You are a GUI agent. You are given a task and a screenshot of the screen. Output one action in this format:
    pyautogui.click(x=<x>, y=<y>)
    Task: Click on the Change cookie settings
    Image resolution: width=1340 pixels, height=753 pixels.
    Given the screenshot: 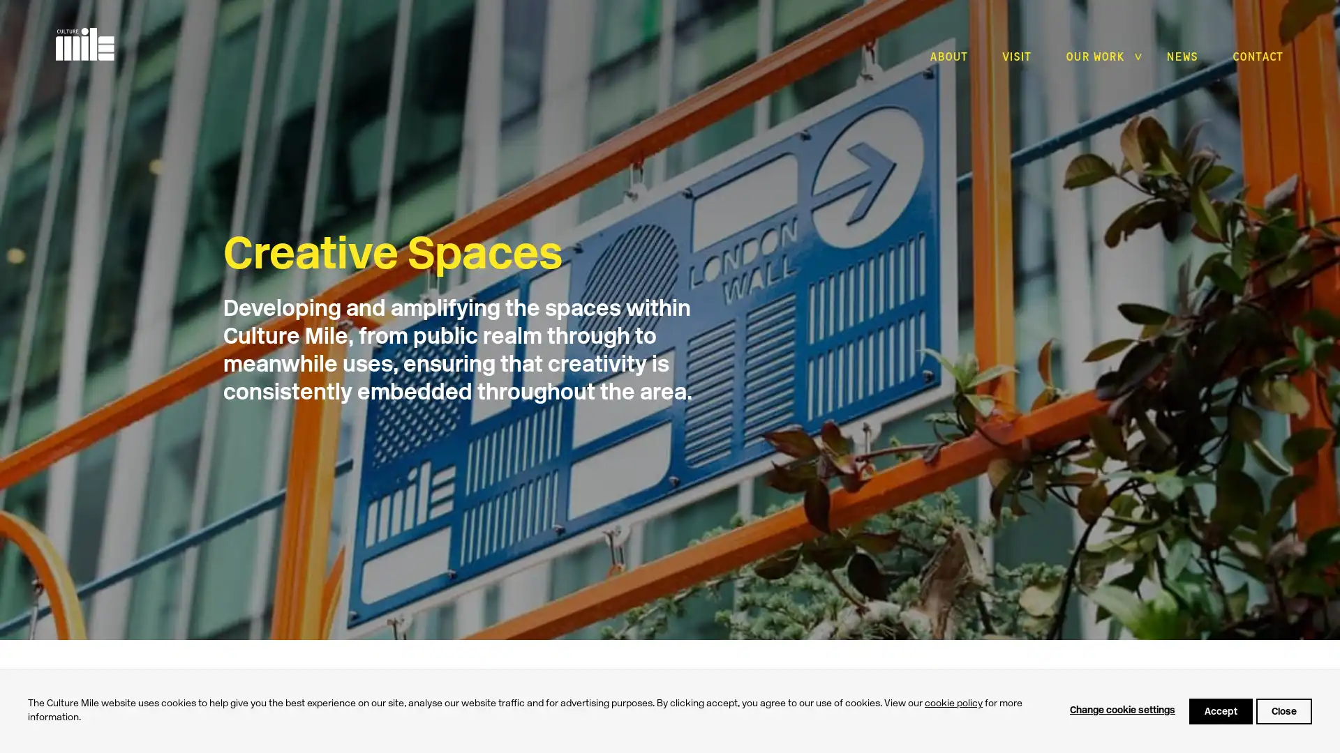 What is the action you would take?
    pyautogui.click(x=1122, y=710)
    